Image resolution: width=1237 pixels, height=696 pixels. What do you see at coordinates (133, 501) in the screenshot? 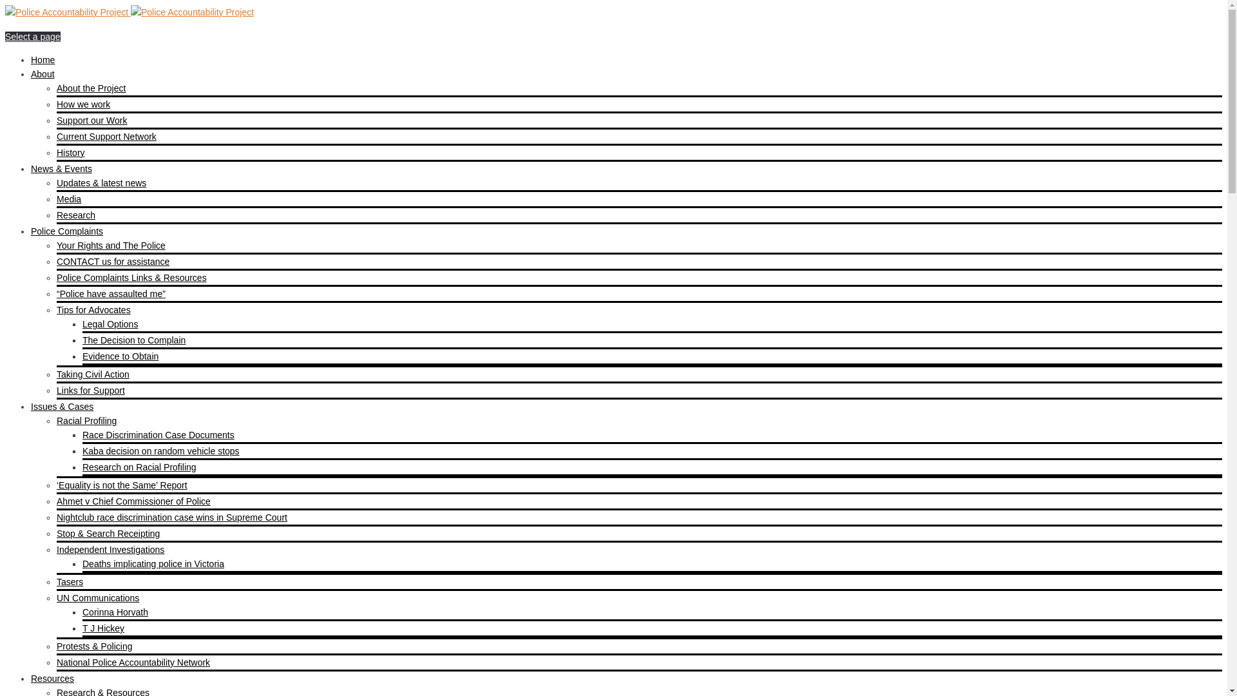
I see `'Ahmet v Chief Commissioner of Police'` at bounding box center [133, 501].